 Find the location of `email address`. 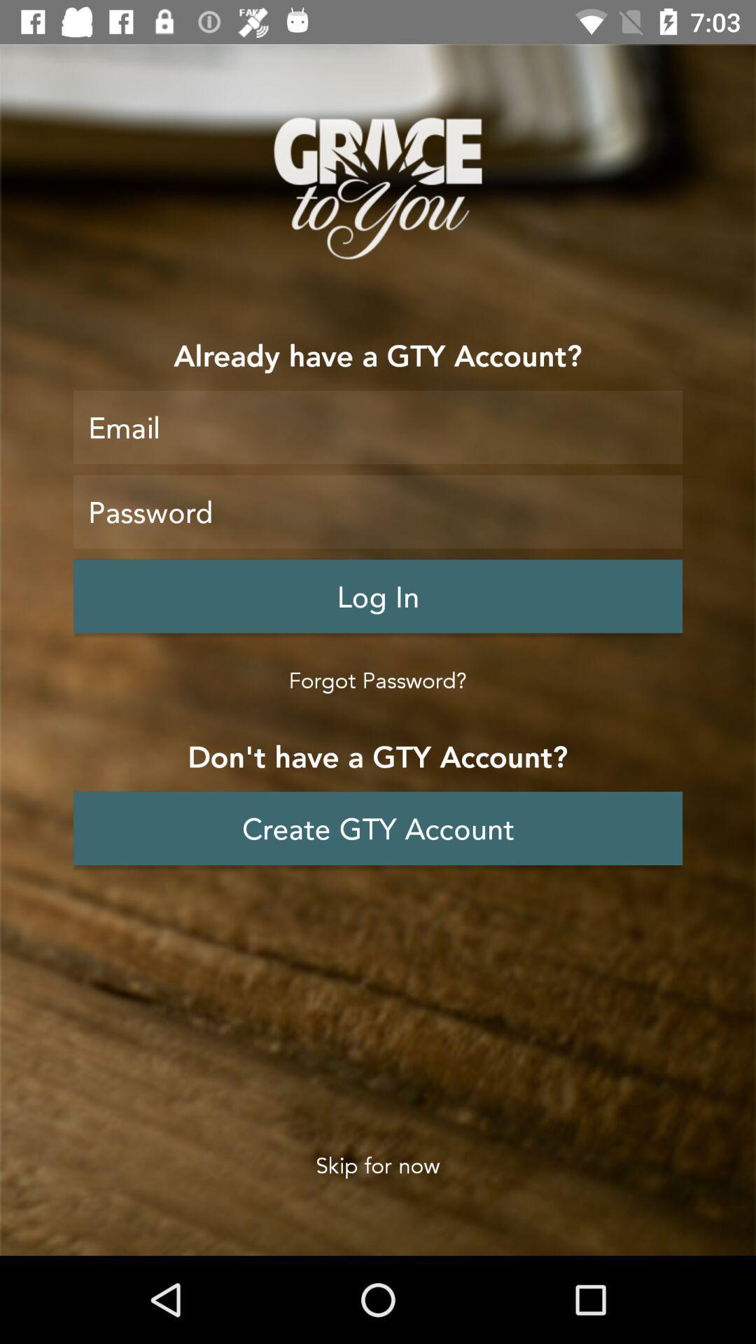

email address is located at coordinates (378, 426).